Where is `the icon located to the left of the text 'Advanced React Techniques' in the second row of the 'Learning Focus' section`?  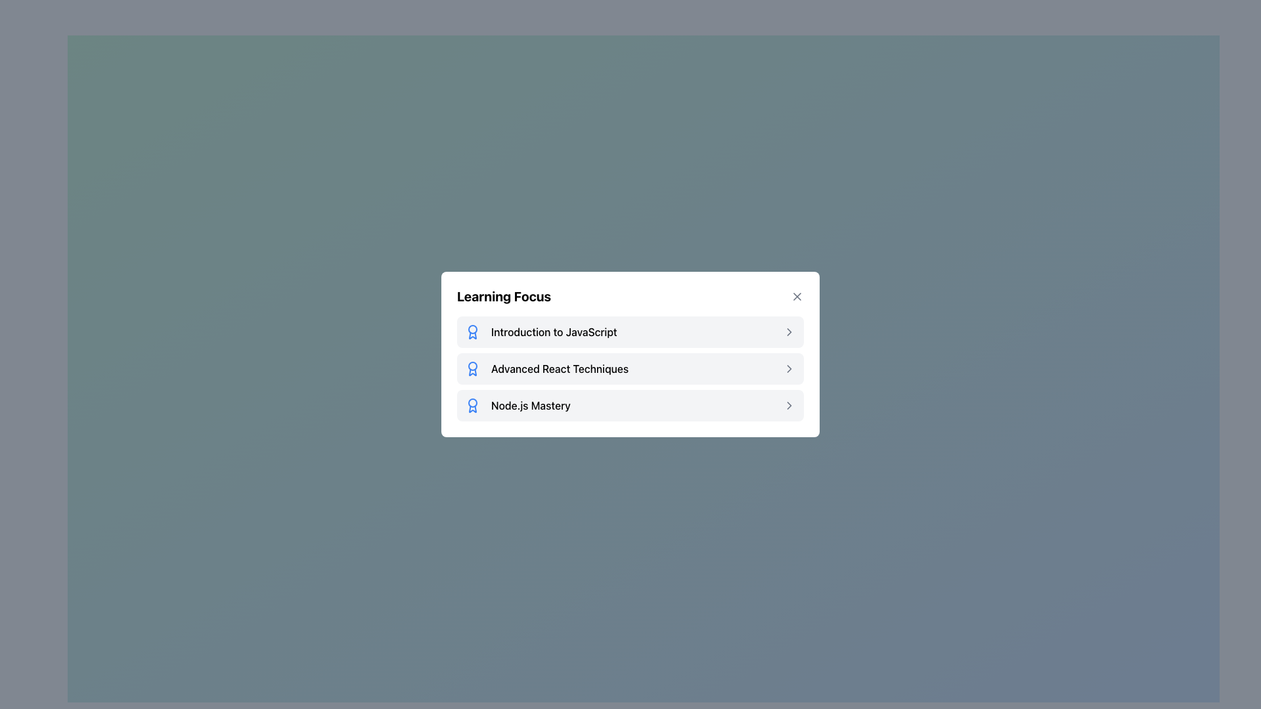
the icon located to the left of the text 'Advanced React Techniques' in the second row of the 'Learning Focus' section is located at coordinates (473, 369).